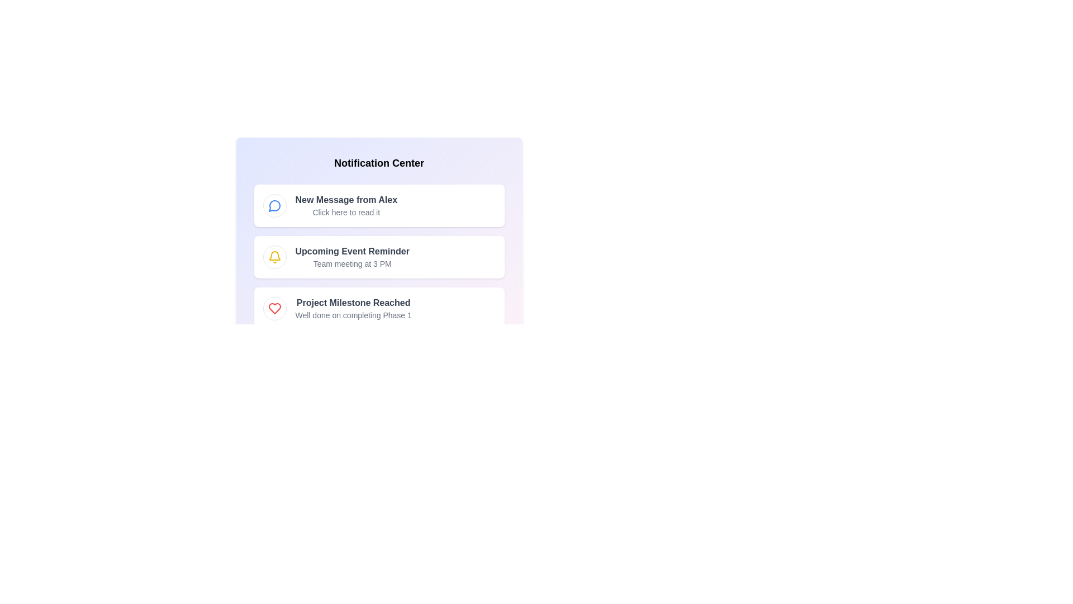 Image resolution: width=1073 pixels, height=604 pixels. What do you see at coordinates (274, 308) in the screenshot?
I see `the notification icon for Achievement` at bounding box center [274, 308].